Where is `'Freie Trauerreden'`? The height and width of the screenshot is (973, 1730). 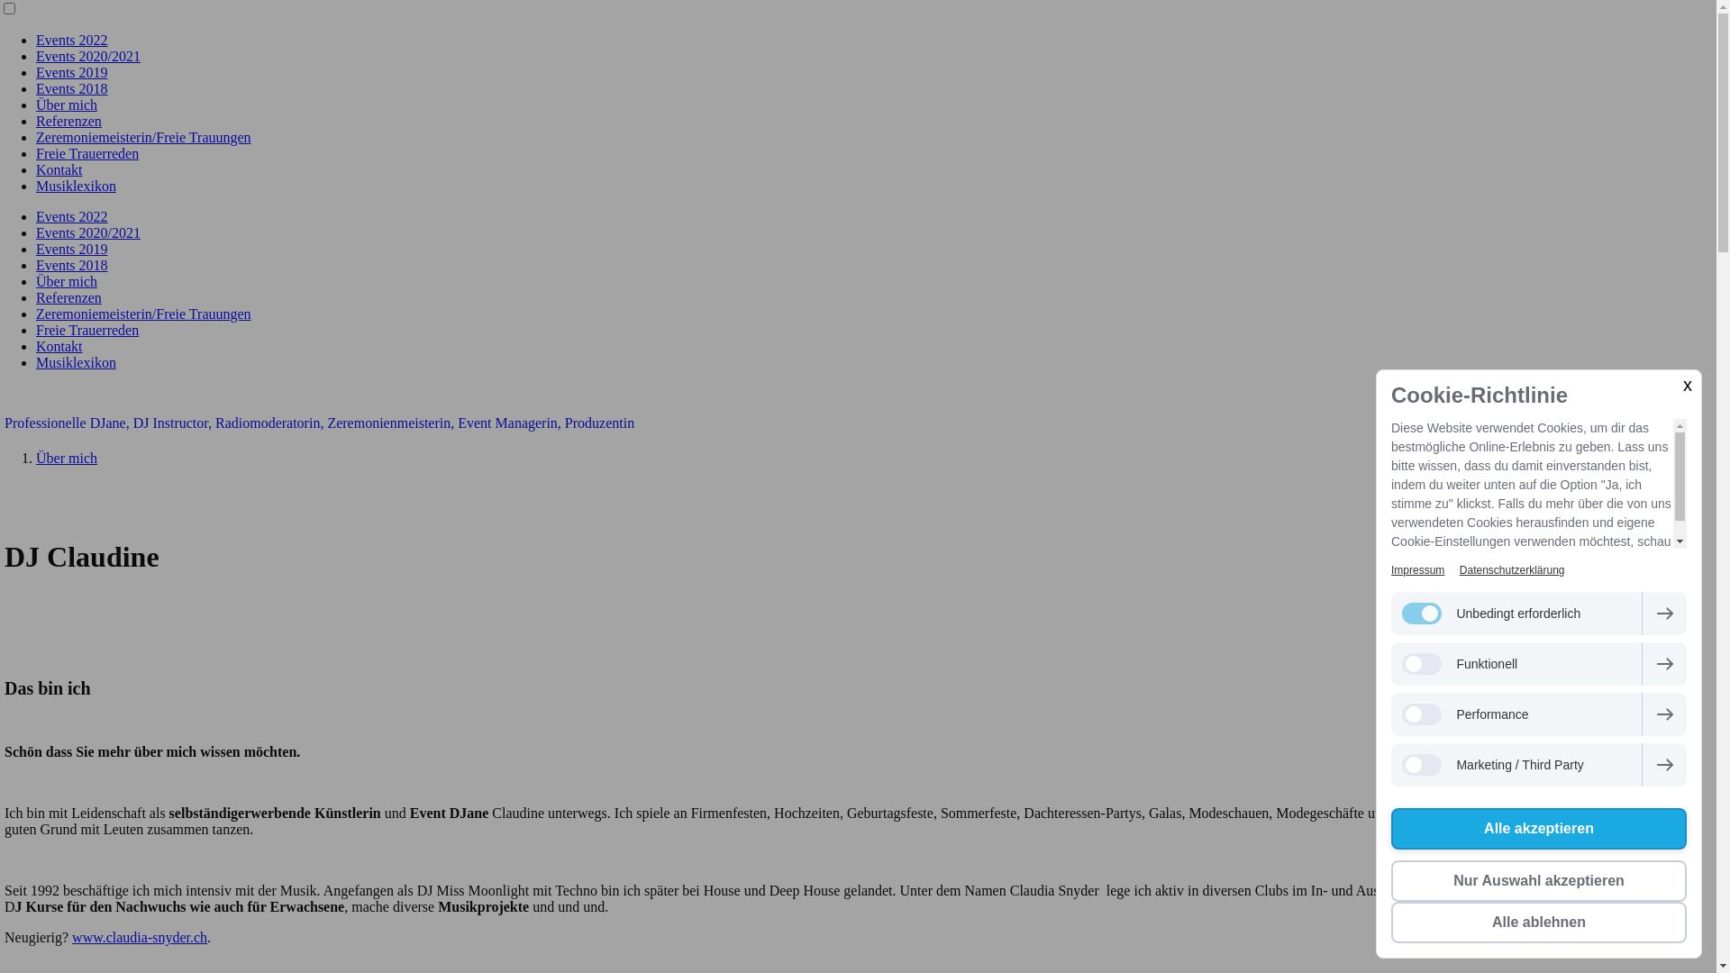 'Freie Trauerreden' is located at coordinates (86, 330).